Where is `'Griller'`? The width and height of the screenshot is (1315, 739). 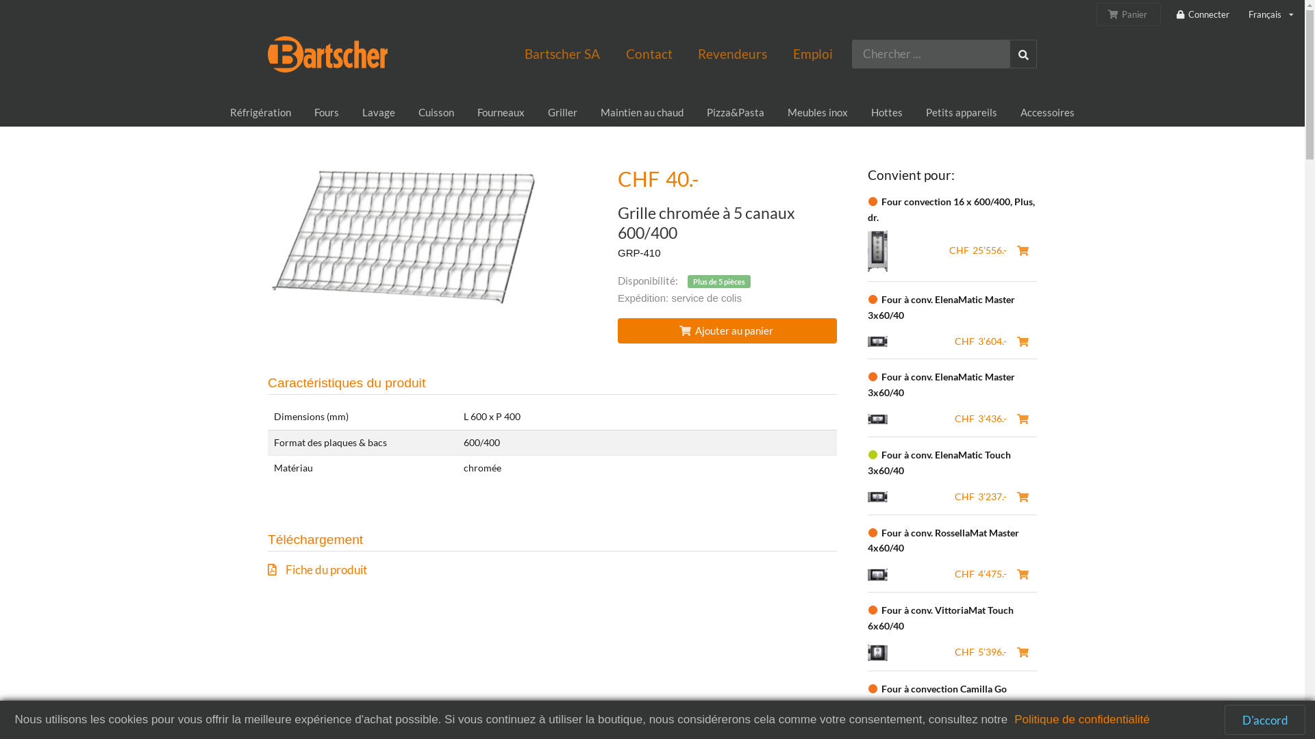 'Griller' is located at coordinates (562, 112).